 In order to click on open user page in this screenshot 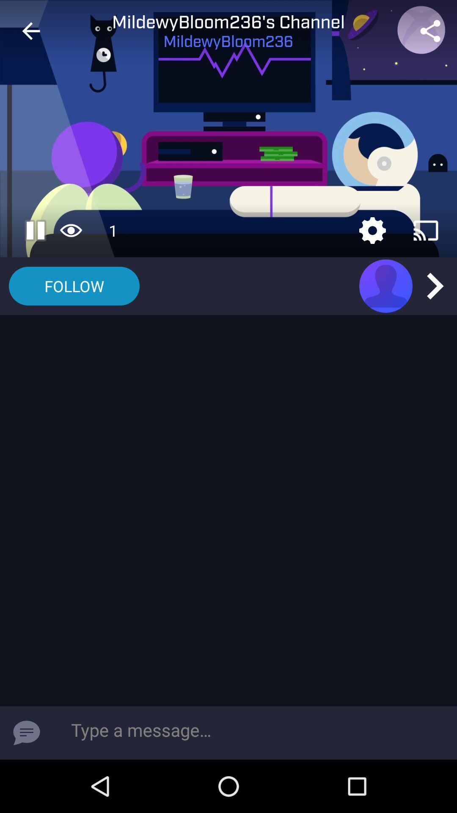, I will do `click(385, 286)`.